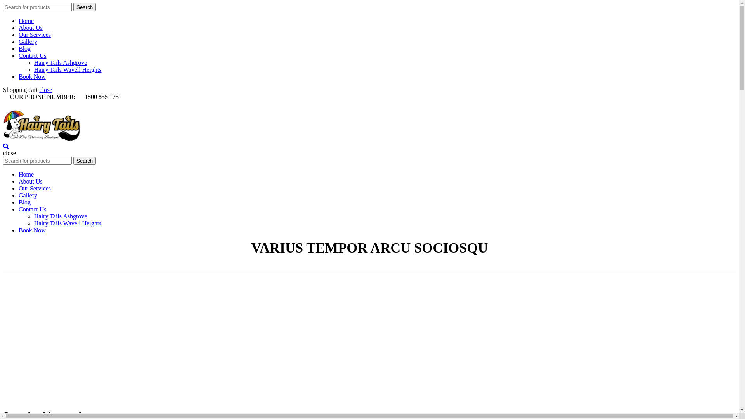 The width and height of the screenshot is (745, 419). What do you see at coordinates (45, 89) in the screenshot?
I see `'close'` at bounding box center [45, 89].